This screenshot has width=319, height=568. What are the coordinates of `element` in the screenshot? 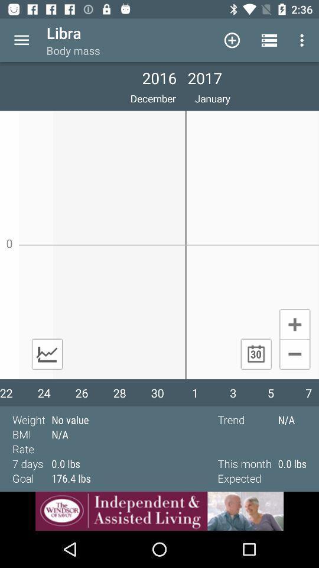 It's located at (294, 324).